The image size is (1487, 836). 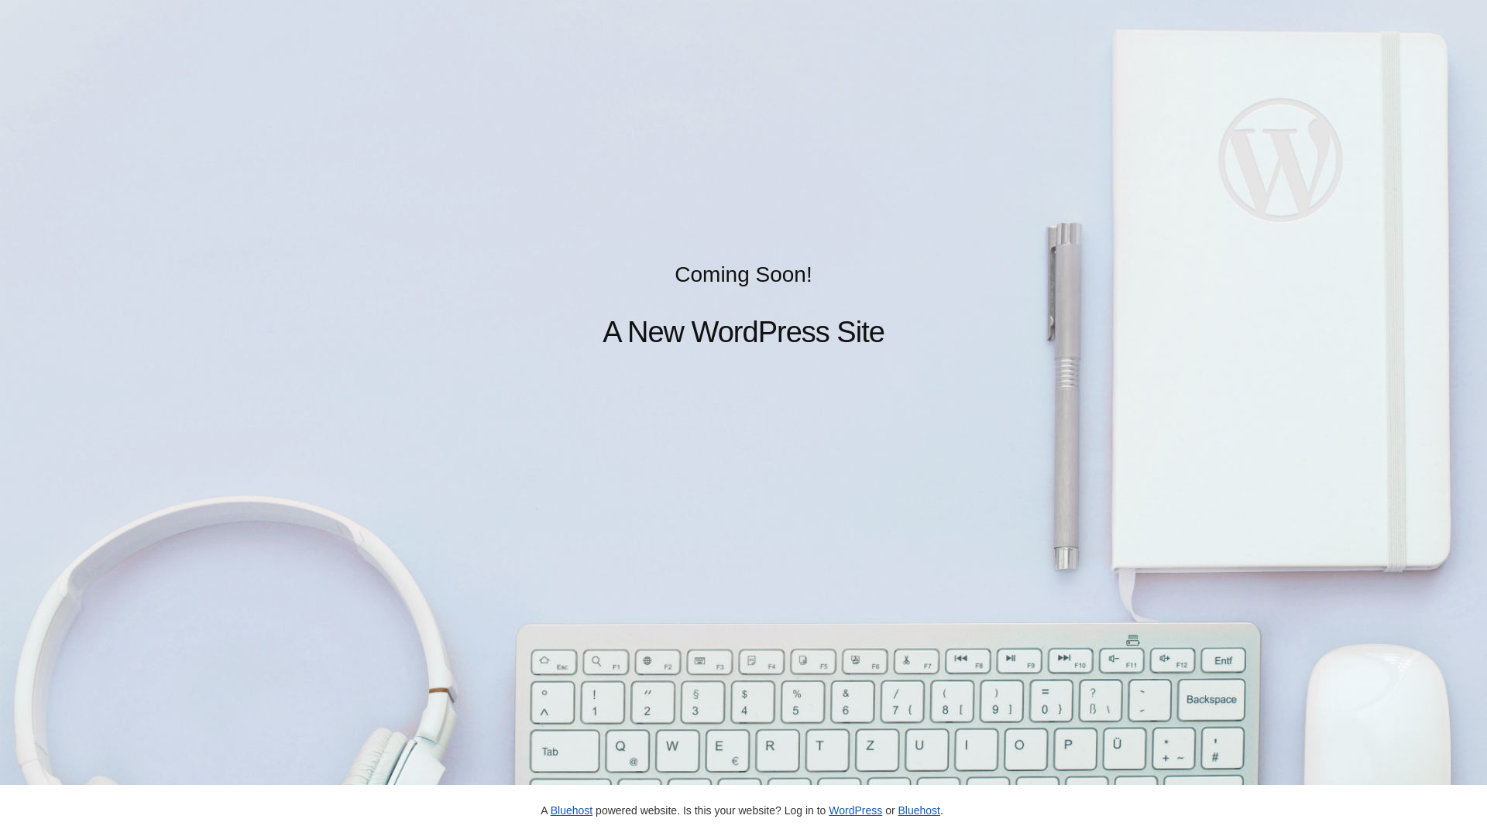 I want to click on 'WordPress', so click(x=828, y=809).